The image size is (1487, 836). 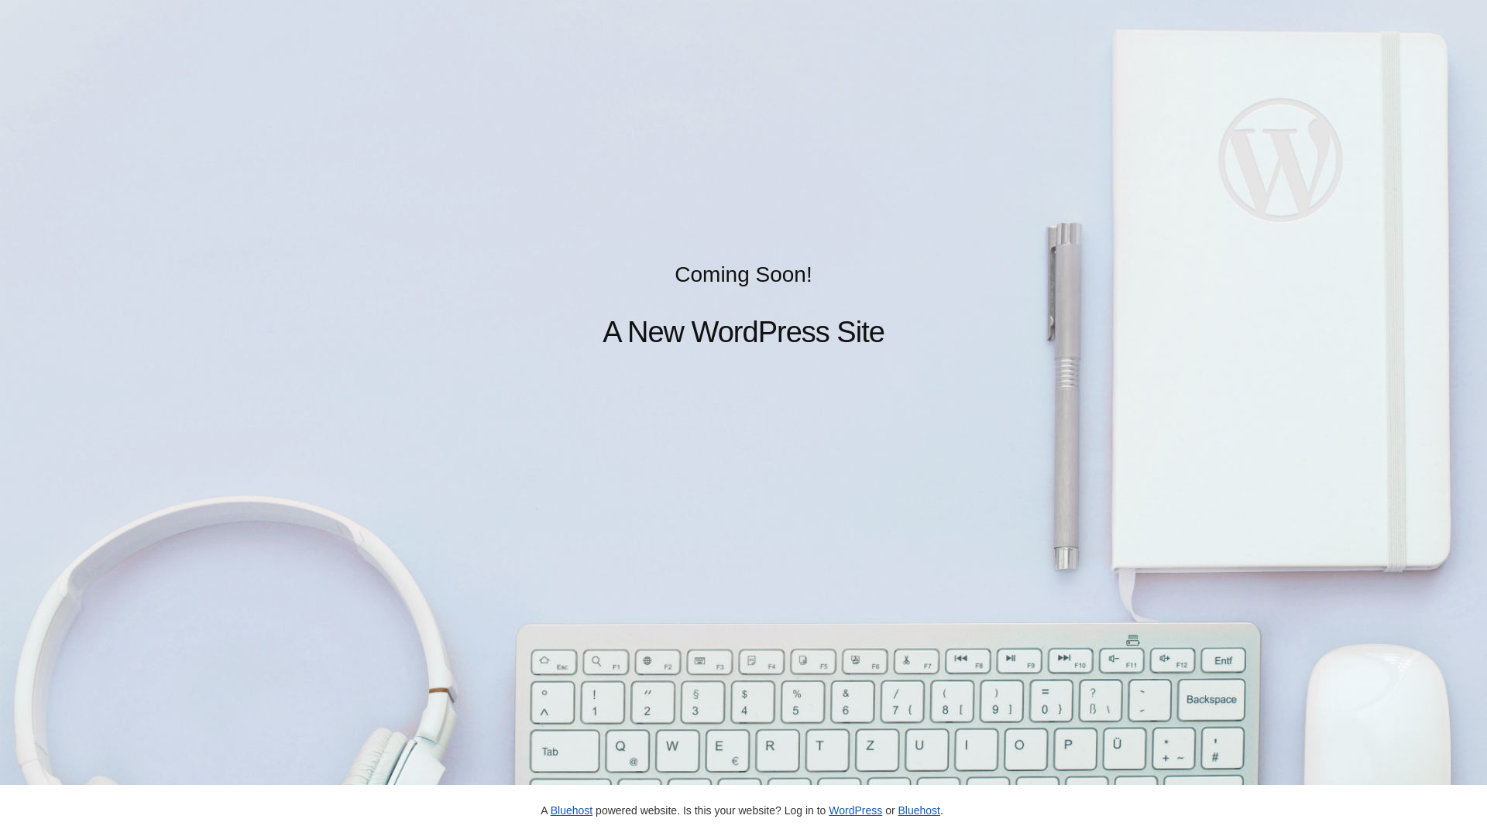 I want to click on 'WordPress', so click(x=828, y=809).